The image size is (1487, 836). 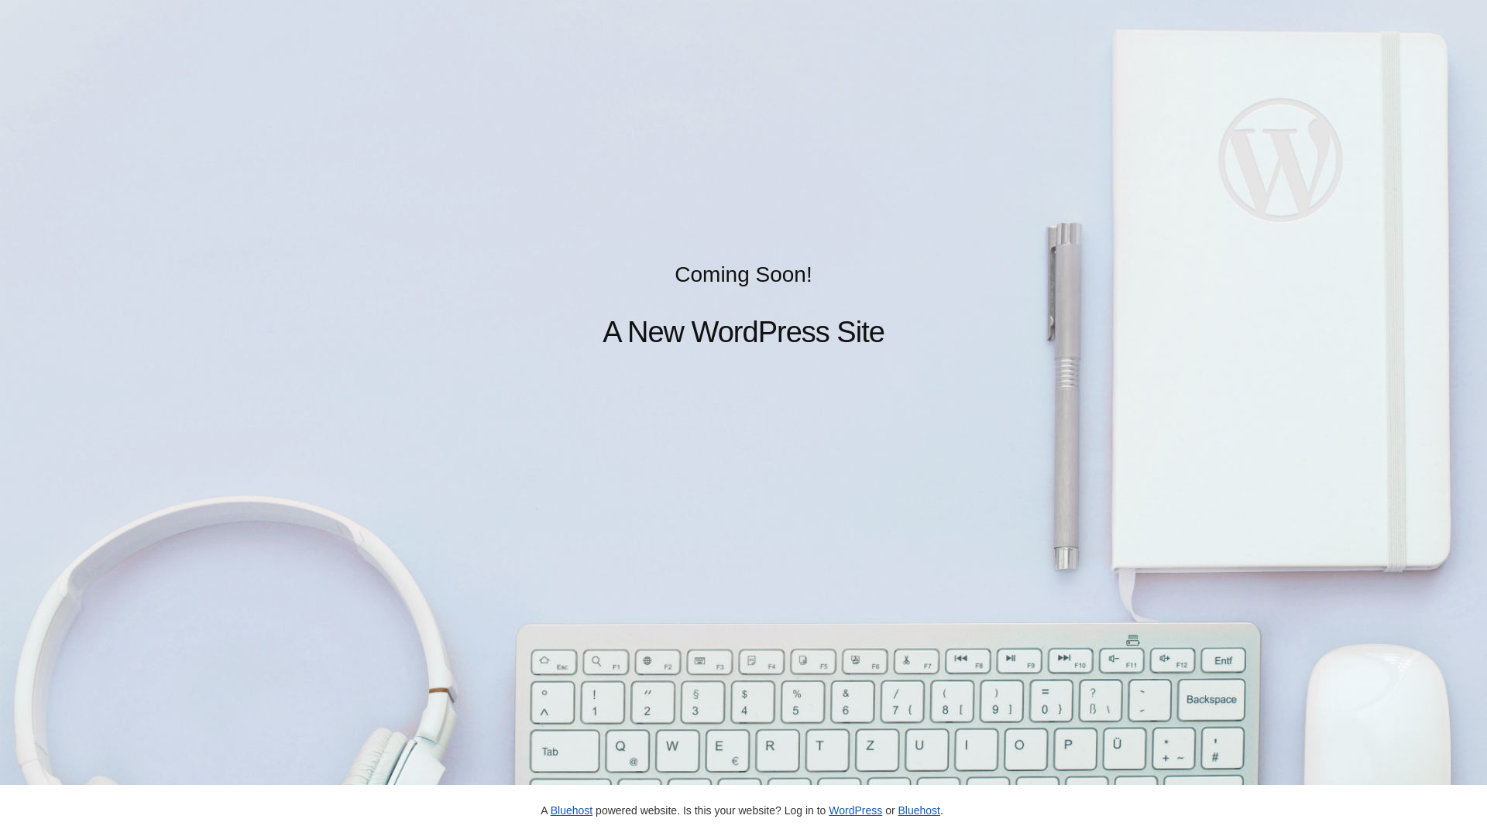 I want to click on 'WordPress', so click(x=828, y=809).